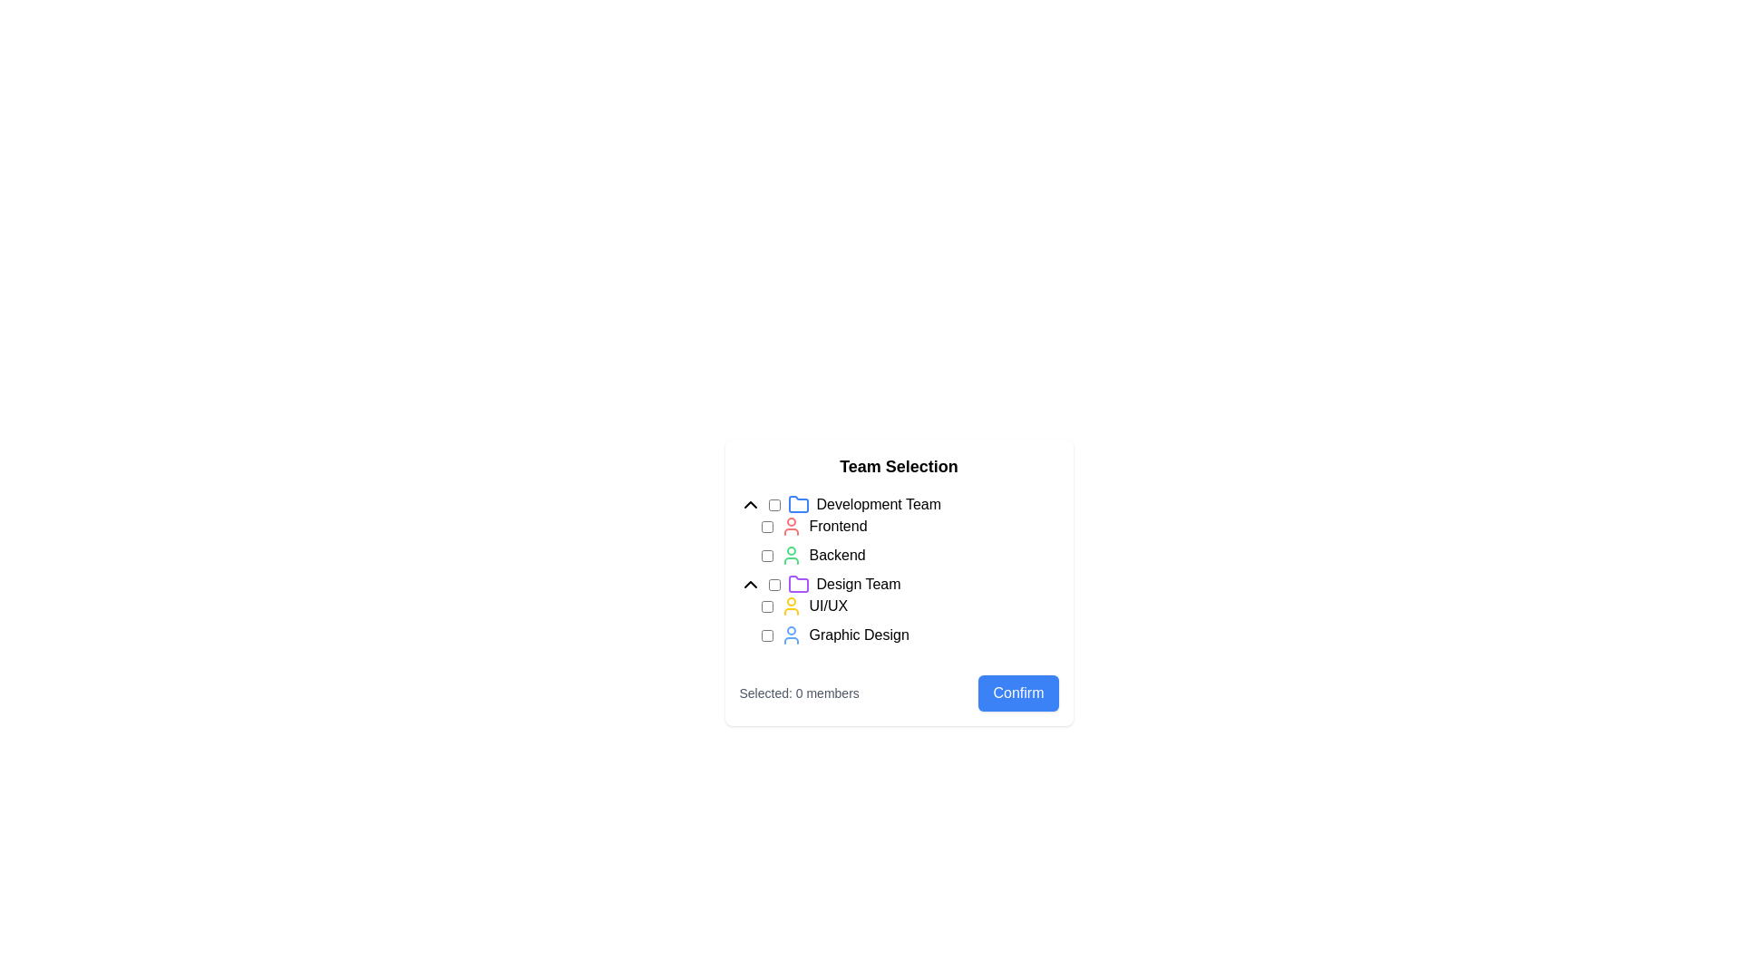  I want to click on the green user silhouette icon located in the 'Backend' row of the 'Development Team' section, which is the second icon in that row, so click(791, 555).